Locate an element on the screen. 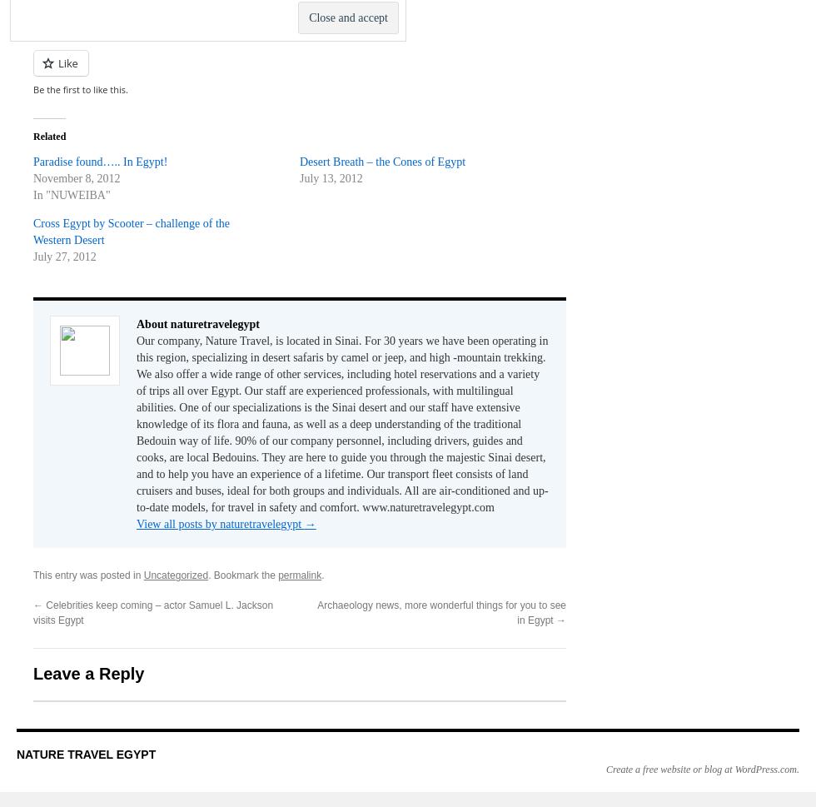 The width and height of the screenshot is (816, 807). '. Bookmark the' is located at coordinates (243, 574).